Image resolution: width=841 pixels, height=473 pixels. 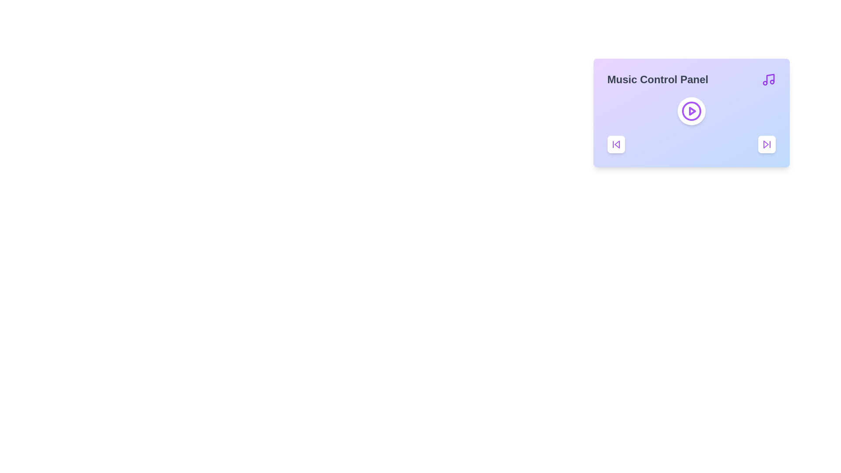 What do you see at coordinates (691, 111) in the screenshot?
I see `the Play button located in the center of the Music Control Panel` at bounding box center [691, 111].